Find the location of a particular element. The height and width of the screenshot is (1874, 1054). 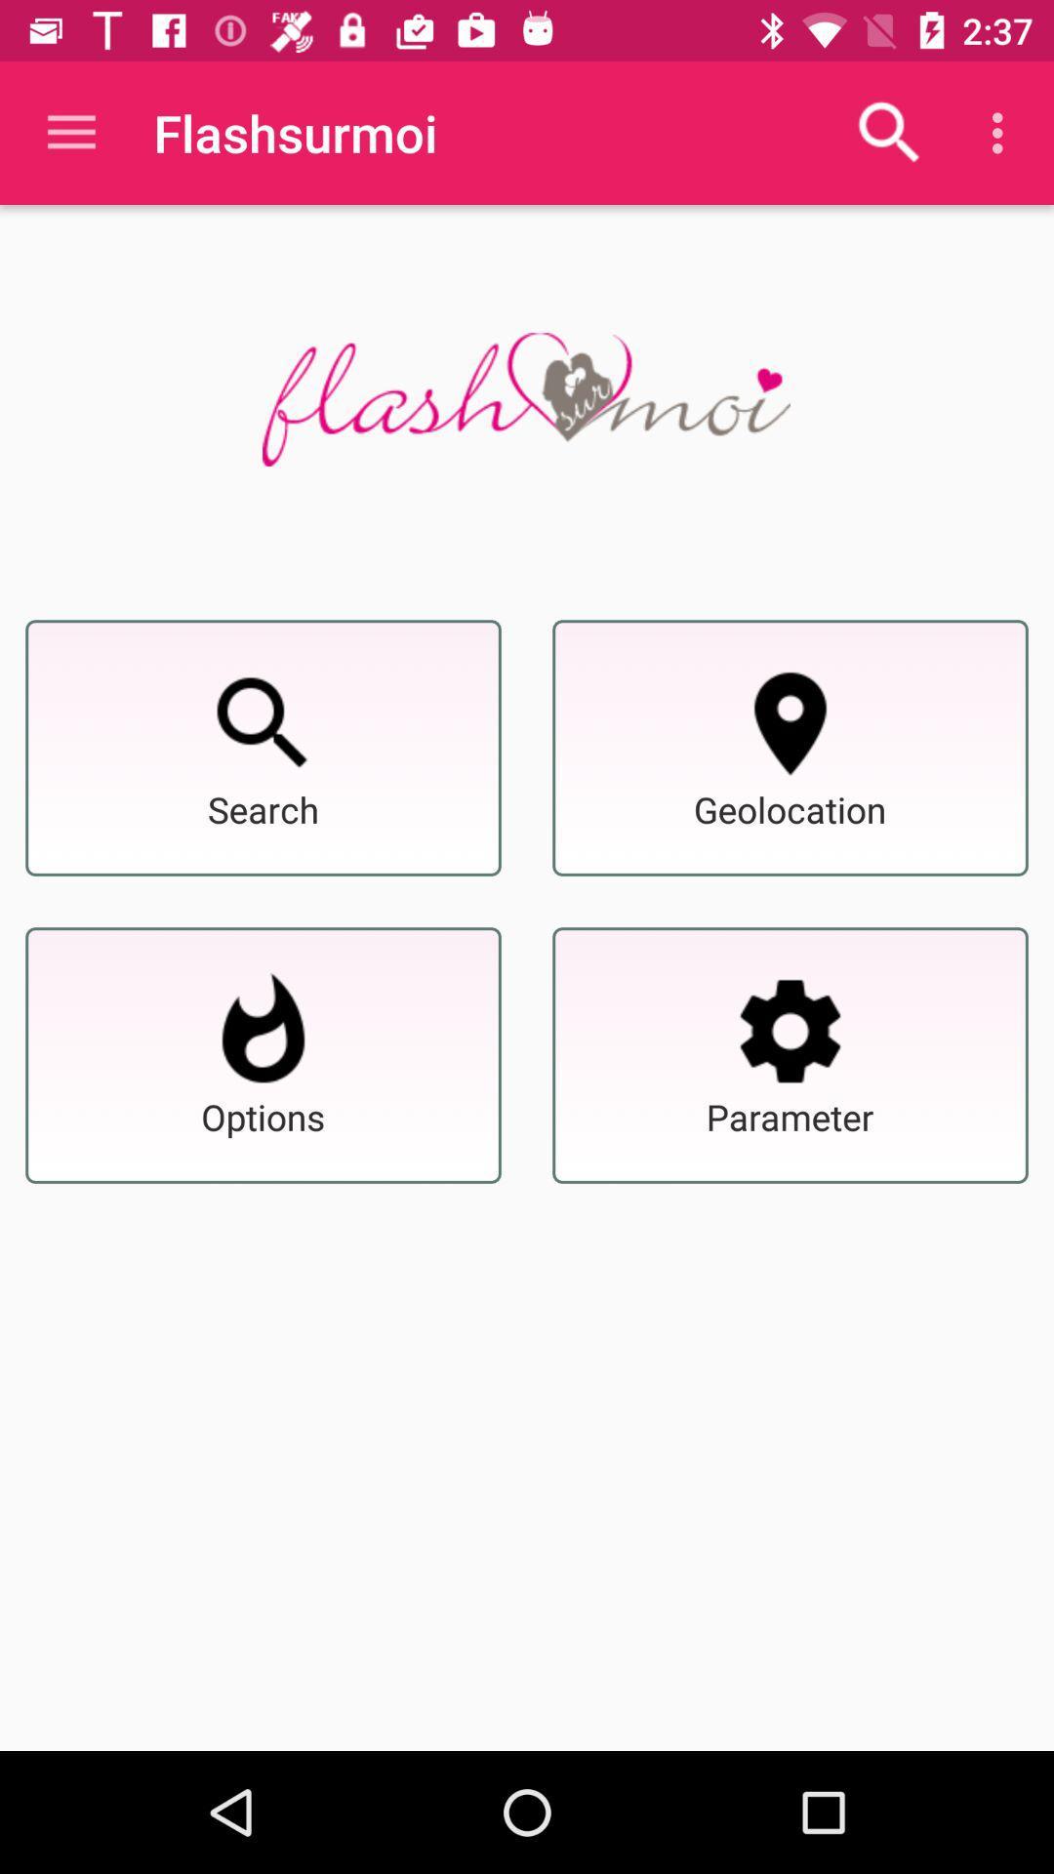

geolocation is located at coordinates (790, 722).